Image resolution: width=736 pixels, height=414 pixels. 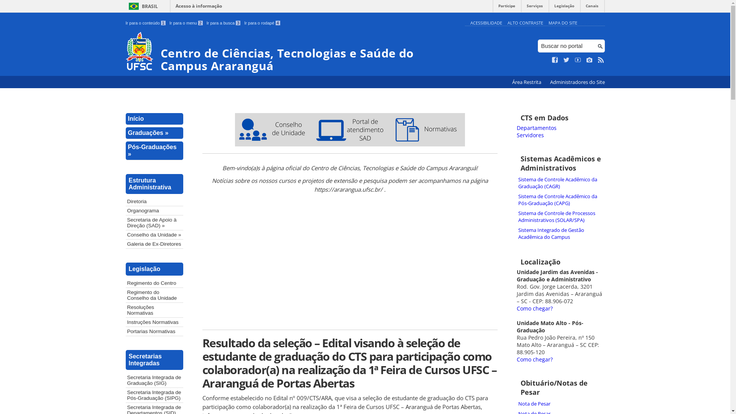 What do you see at coordinates (154, 201) in the screenshot?
I see `'Diretoria'` at bounding box center [154, 201].